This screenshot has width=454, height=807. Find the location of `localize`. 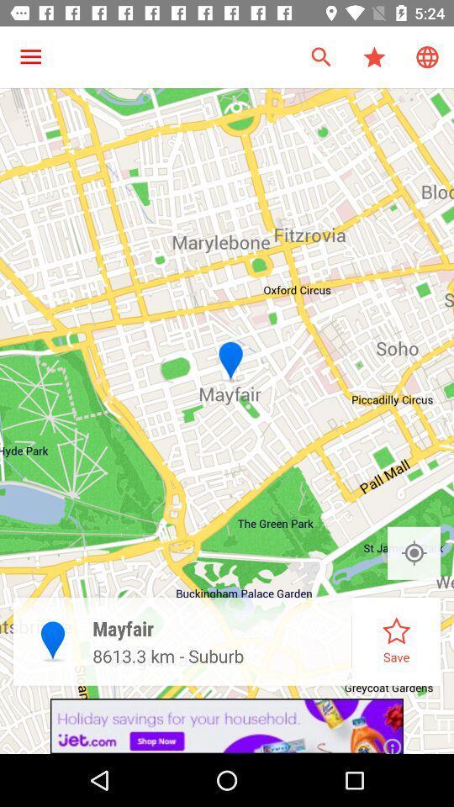

localize is located at coordinates (413, 552).